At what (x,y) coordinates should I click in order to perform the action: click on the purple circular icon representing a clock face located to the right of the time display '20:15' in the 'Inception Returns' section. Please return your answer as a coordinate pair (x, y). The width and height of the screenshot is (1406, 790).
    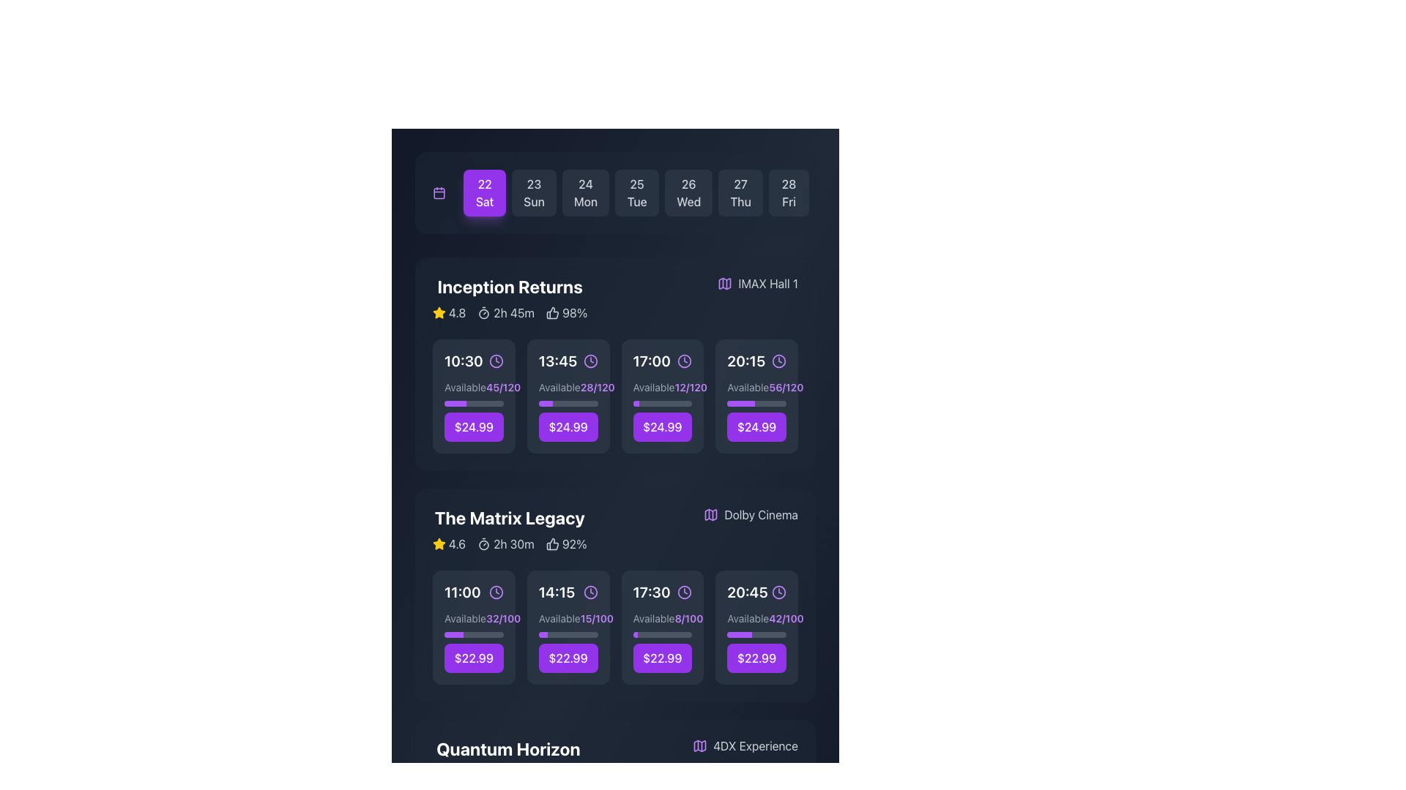
    Looking at the image, I should click on (778, 361).